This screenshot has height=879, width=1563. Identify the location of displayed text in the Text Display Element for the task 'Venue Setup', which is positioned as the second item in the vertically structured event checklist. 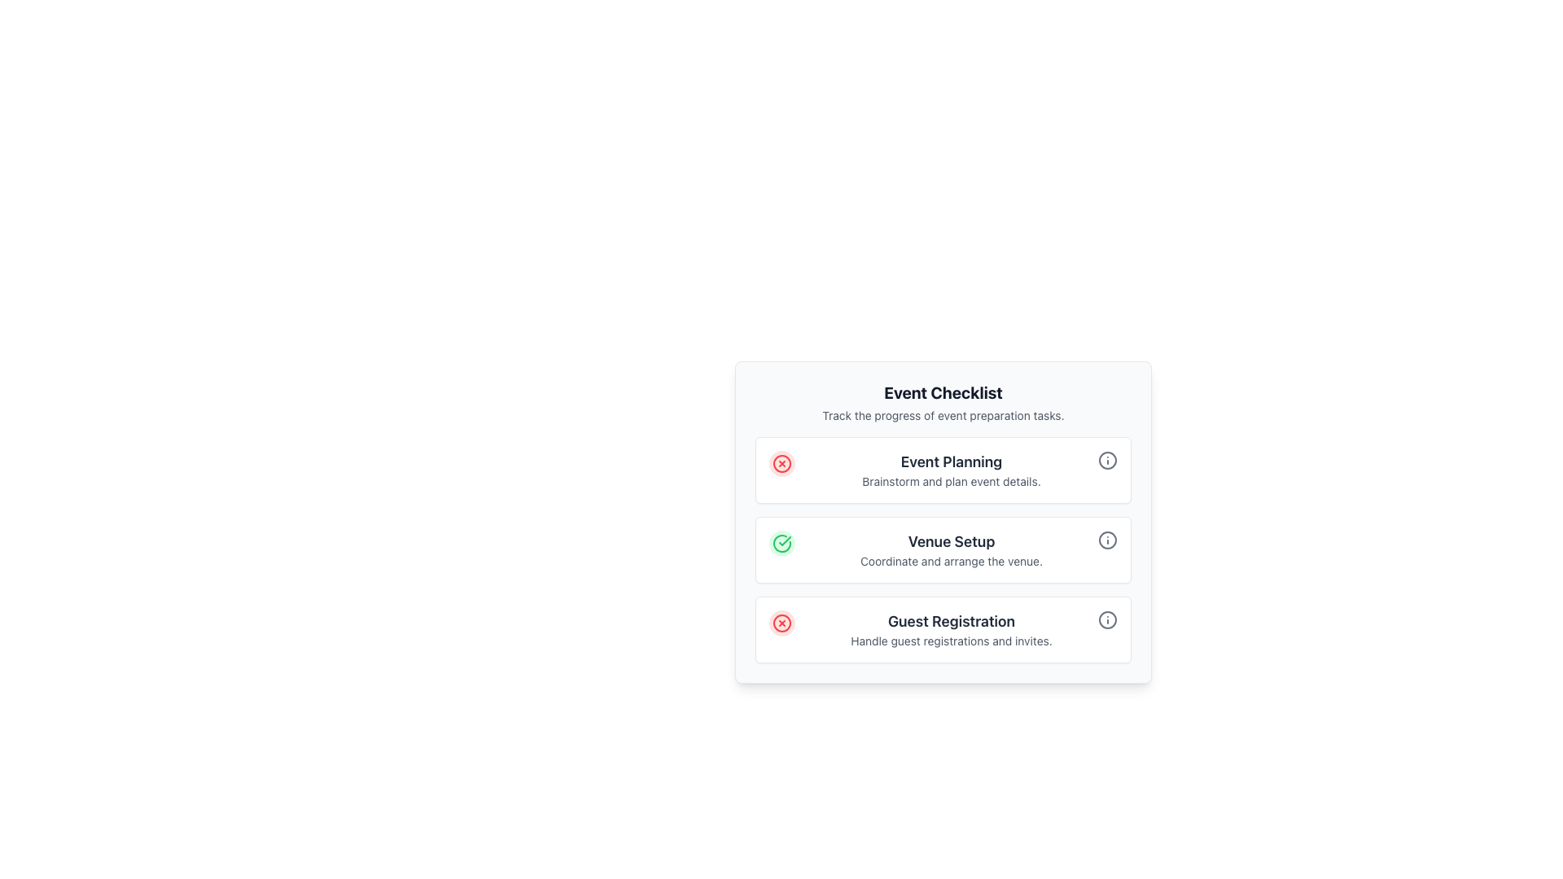
(952, 549).